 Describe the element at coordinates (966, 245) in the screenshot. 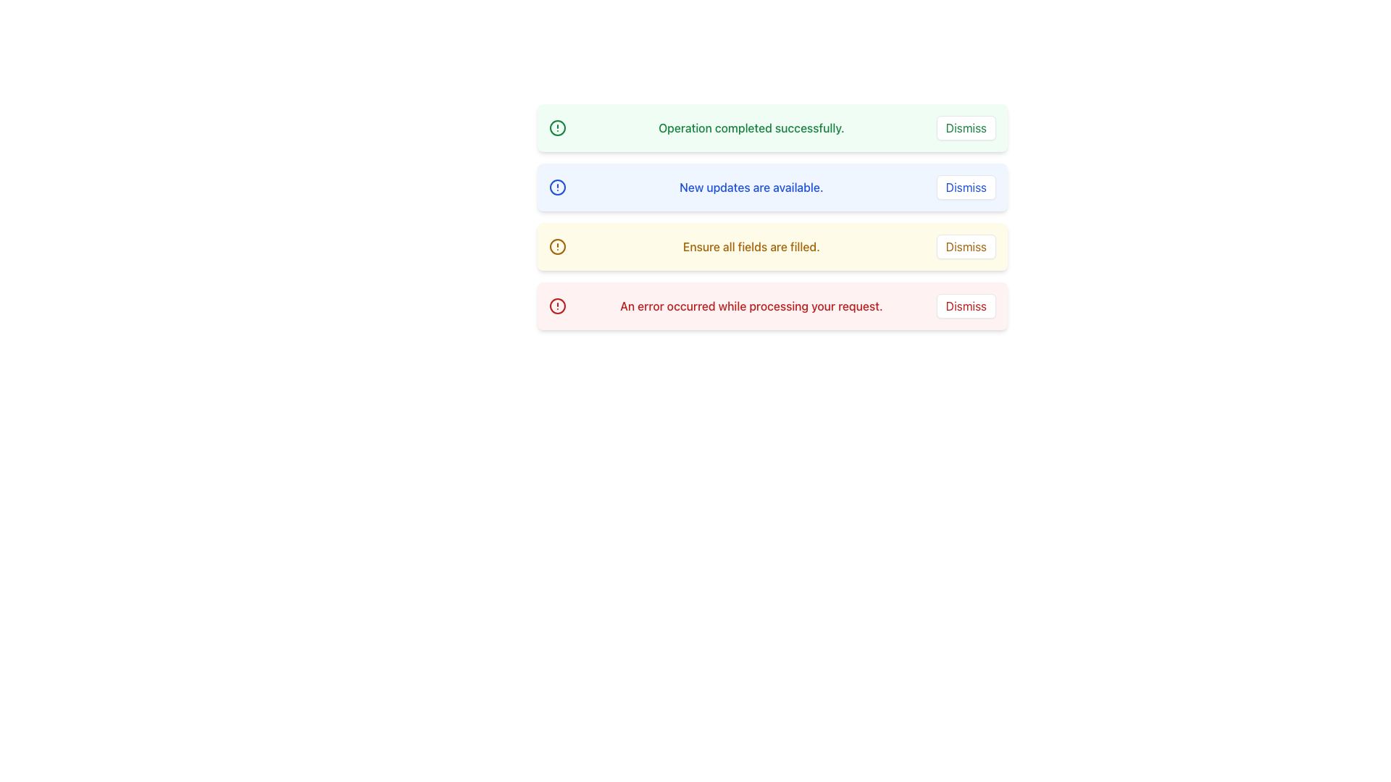

I see `the 'Dismiss' button in the notification block` at that location.